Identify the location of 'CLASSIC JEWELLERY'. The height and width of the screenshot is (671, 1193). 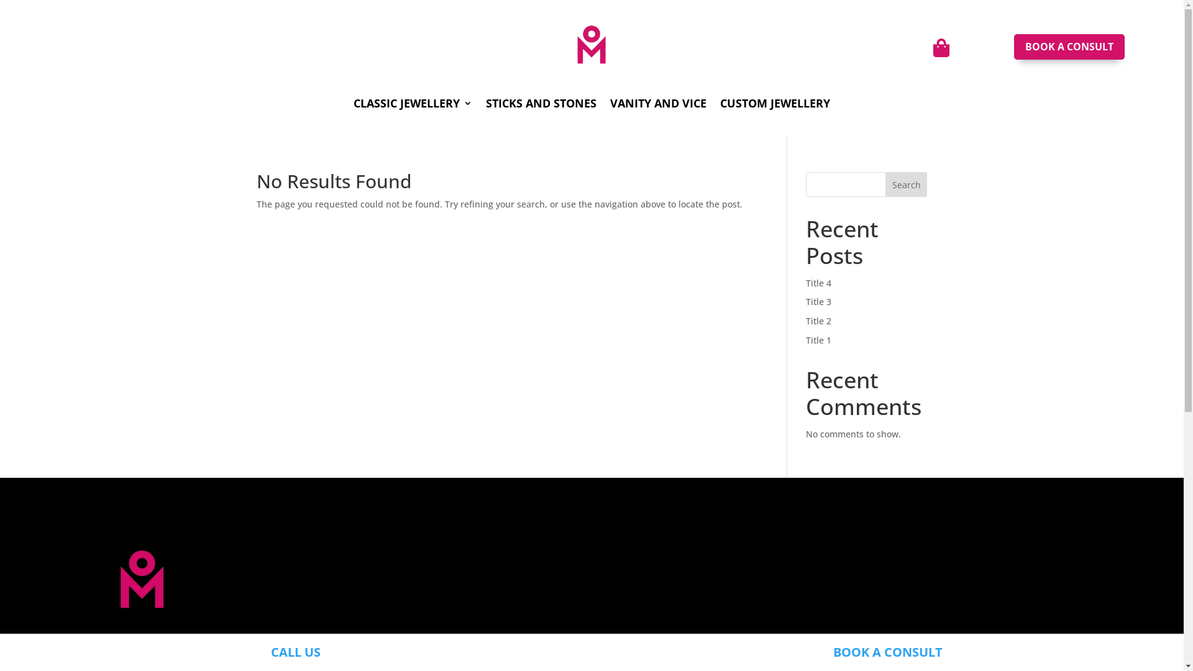
(353, 104).